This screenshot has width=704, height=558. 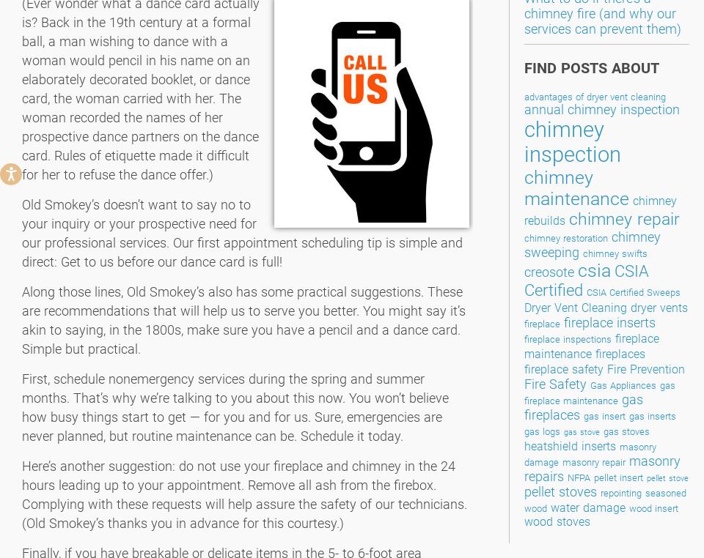 I want to click on 'pellet stove', so click(x=667, y=477).